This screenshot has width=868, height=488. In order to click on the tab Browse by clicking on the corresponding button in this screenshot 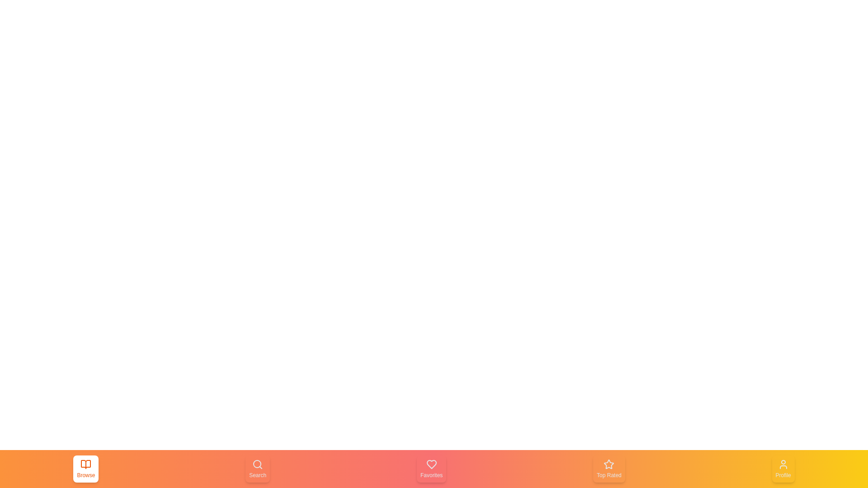, I will do `click(86, 468)`.